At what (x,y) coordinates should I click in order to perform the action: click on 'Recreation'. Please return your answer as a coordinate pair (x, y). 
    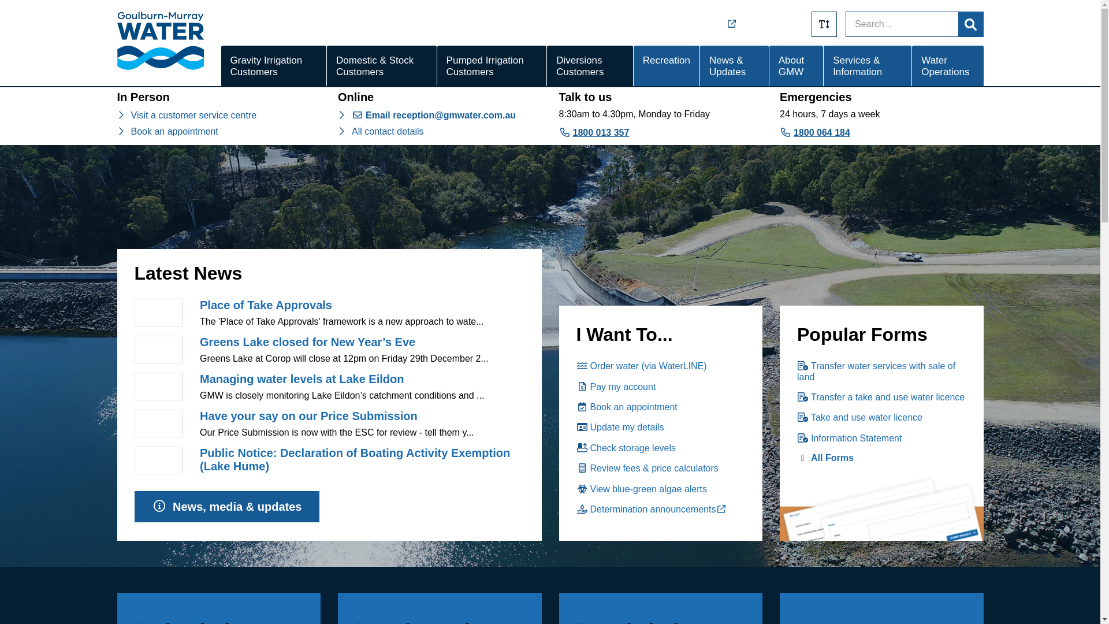
    Looking at the image, I should click on (666, 66).